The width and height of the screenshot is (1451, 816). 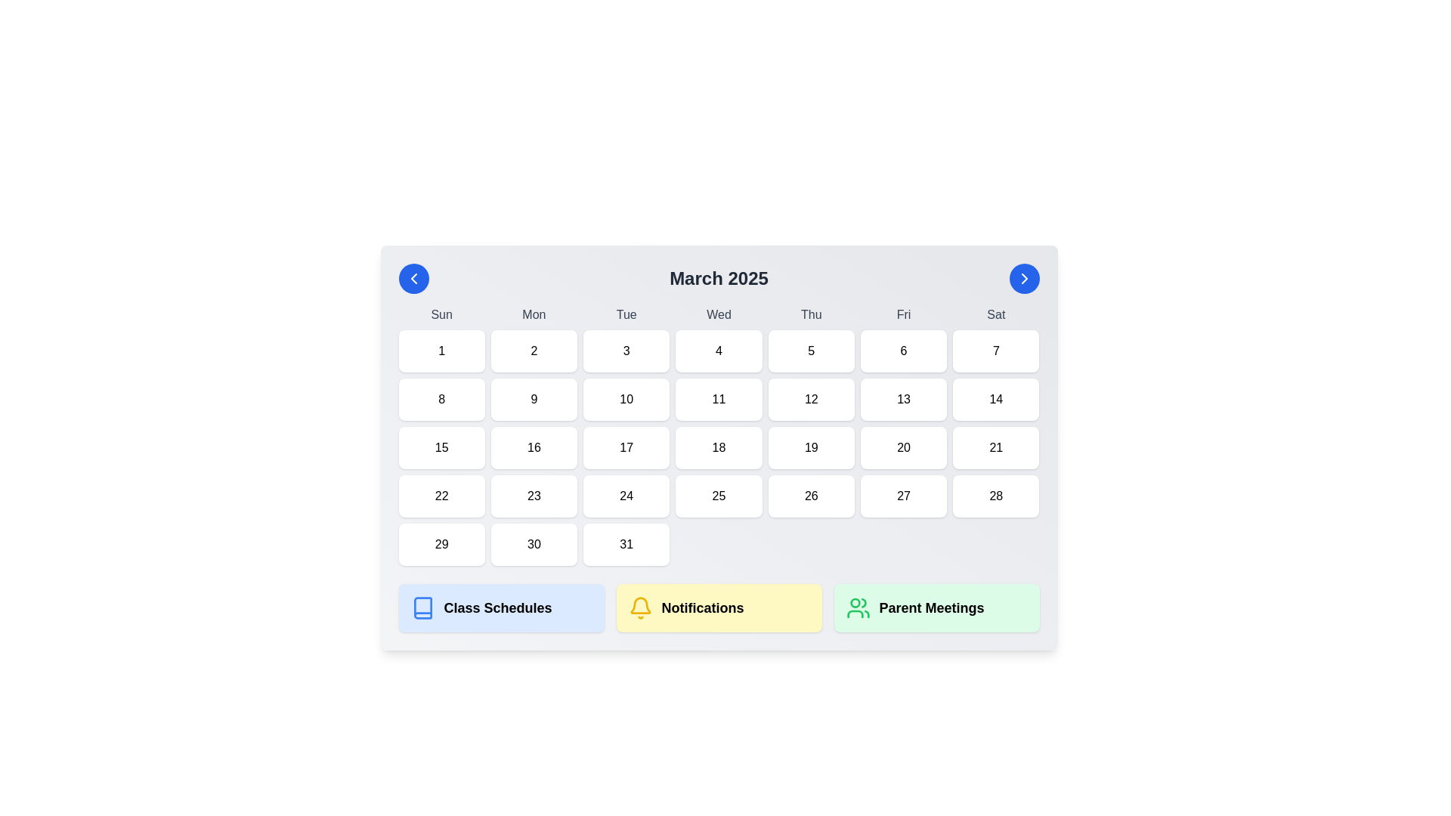 I want to click on the notification icon located in the Notifications section at the bottom-center area of the view, so click(x=640, y=607).